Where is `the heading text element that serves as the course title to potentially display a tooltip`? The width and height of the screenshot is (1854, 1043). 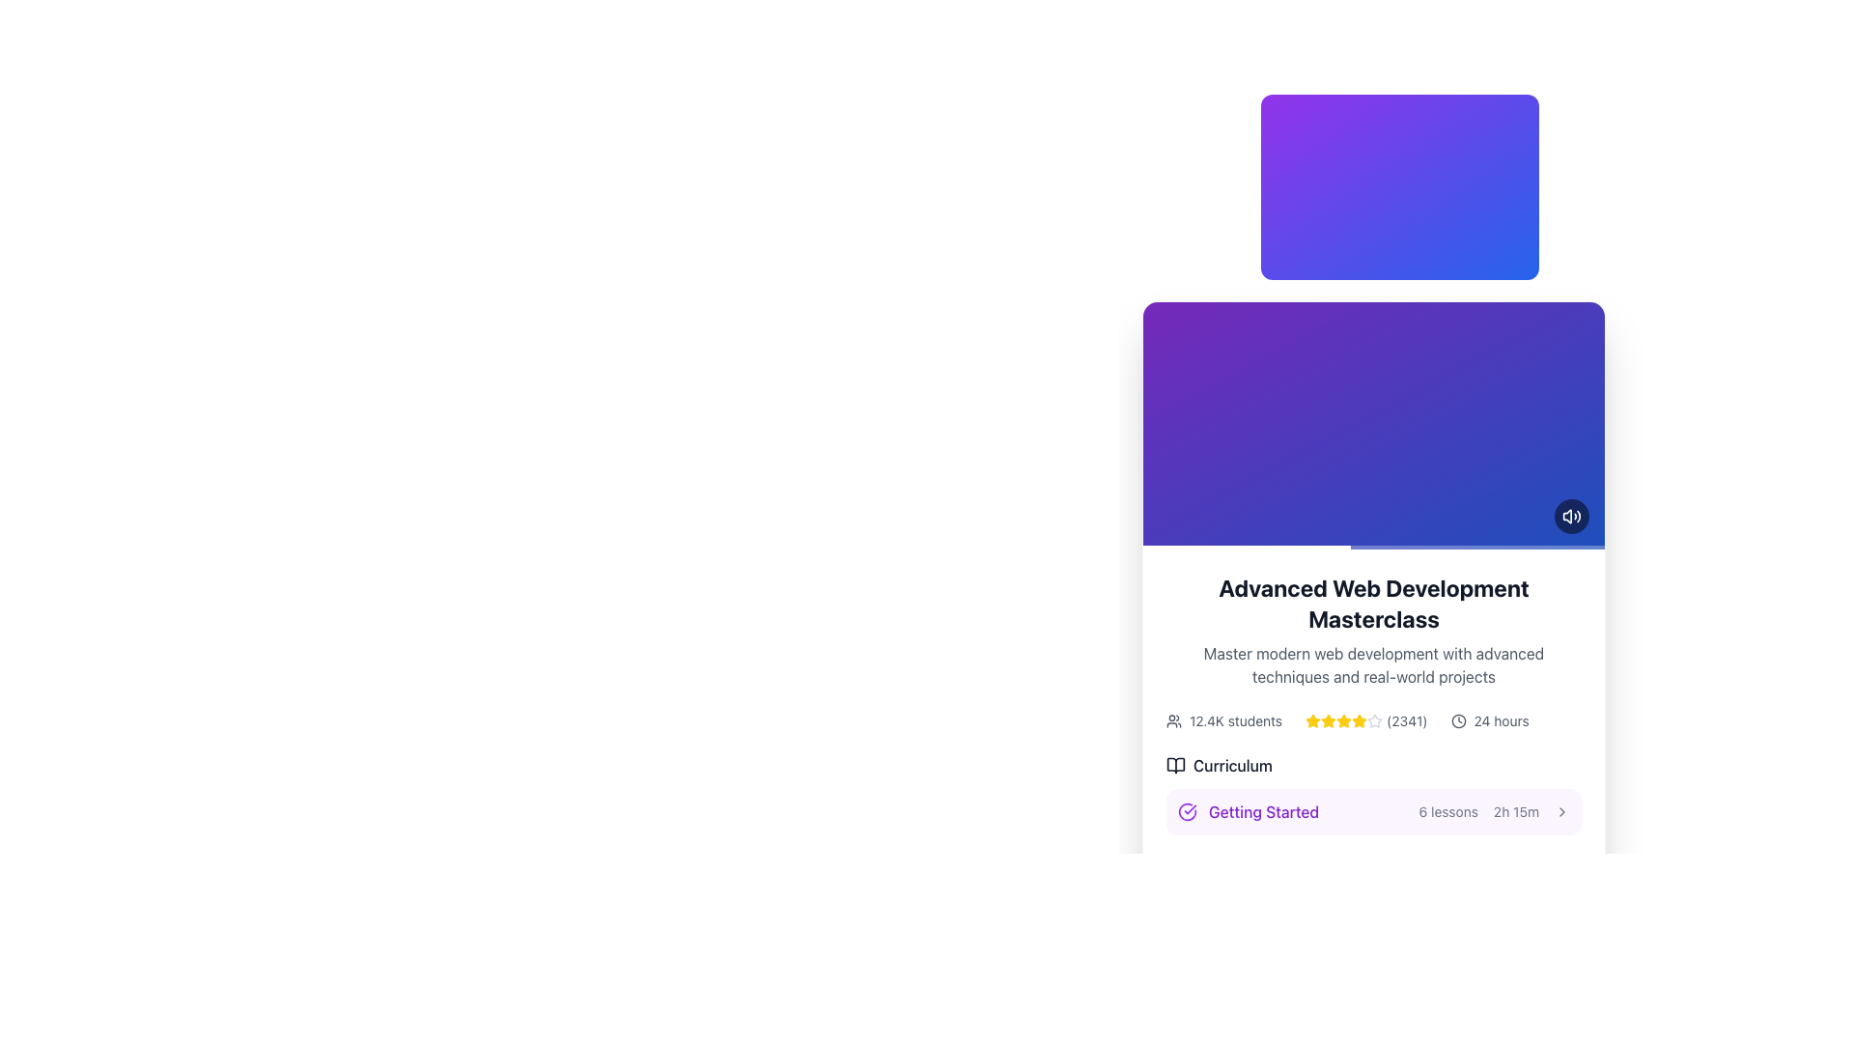 the heading text element that serves as the course title to potentially display a tooltip is located at coordinates (1372, 602).